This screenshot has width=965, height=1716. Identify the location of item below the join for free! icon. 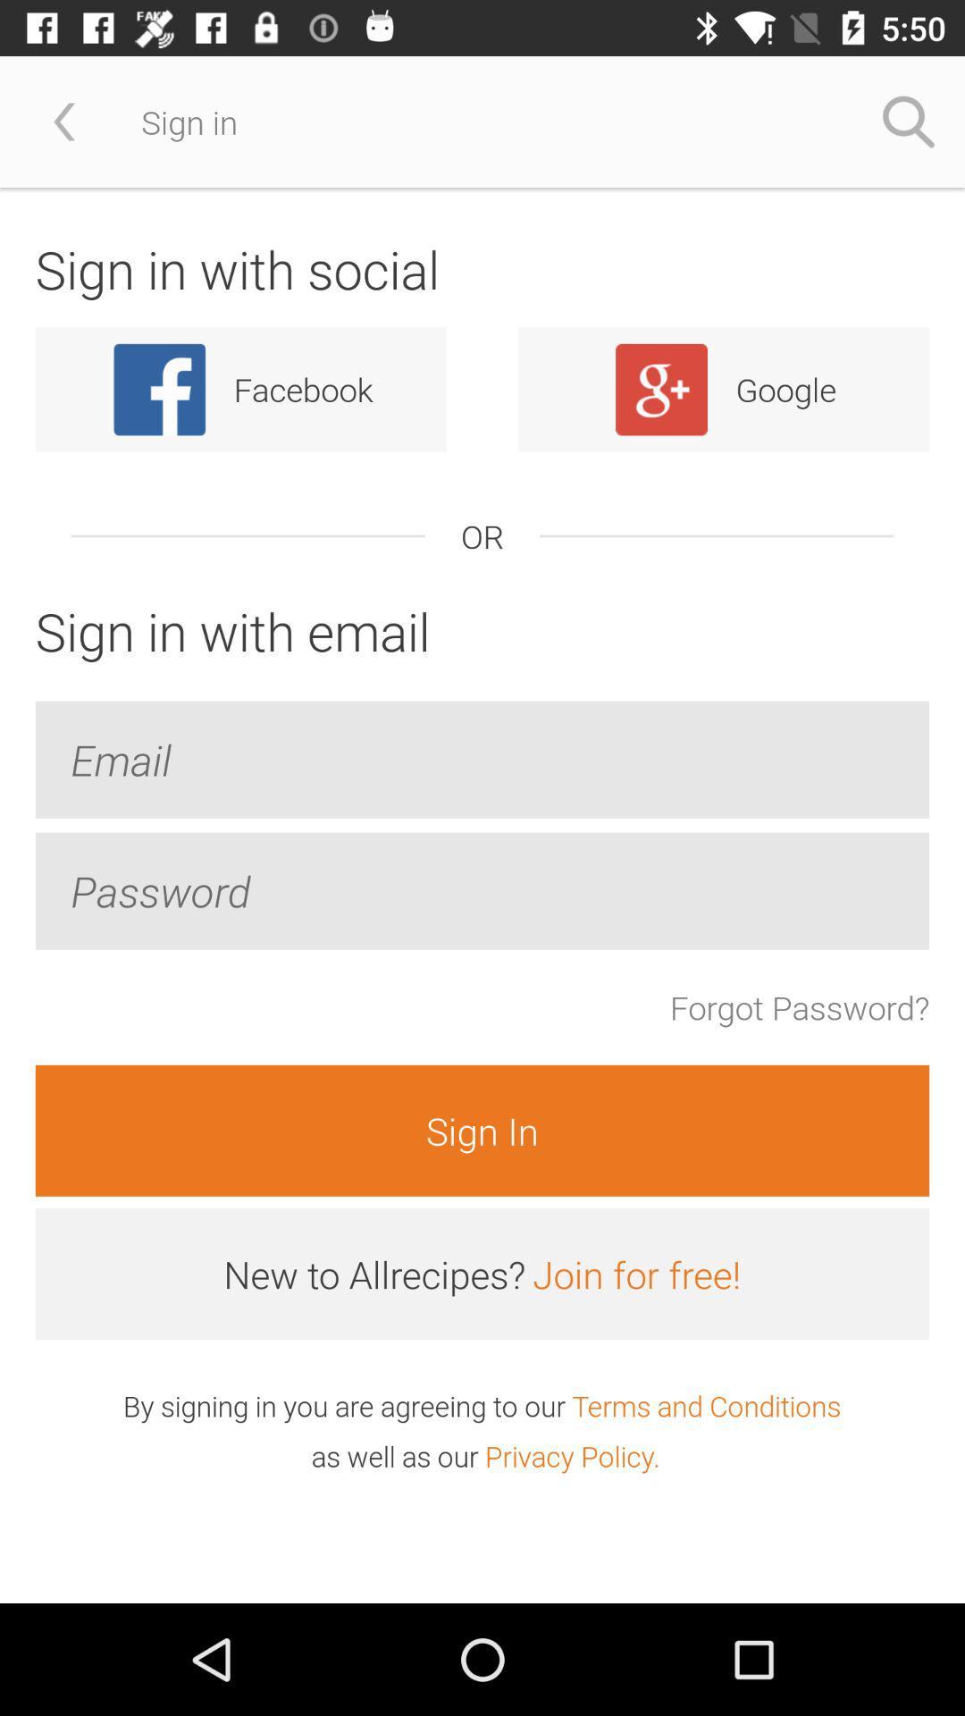
(705, 1405).